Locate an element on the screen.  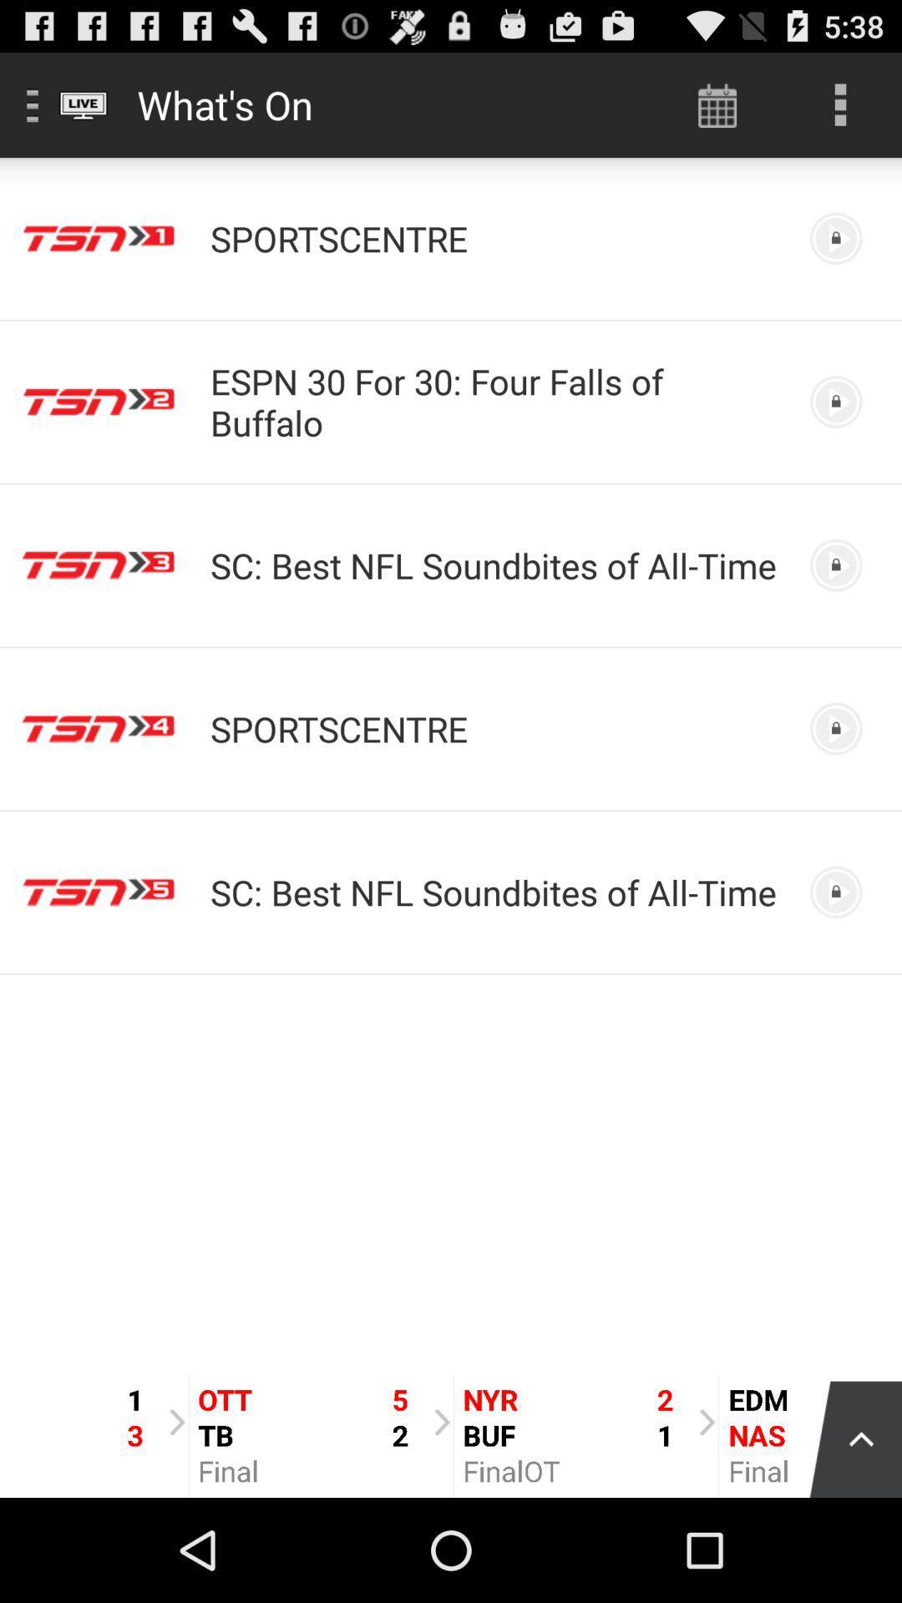
the item below sportscentre app is located at coordinates (494, 402).